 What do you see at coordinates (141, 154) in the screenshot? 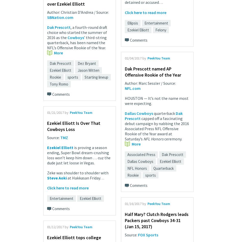
I see `'Associated Press'` at bounding box center [141, 154].